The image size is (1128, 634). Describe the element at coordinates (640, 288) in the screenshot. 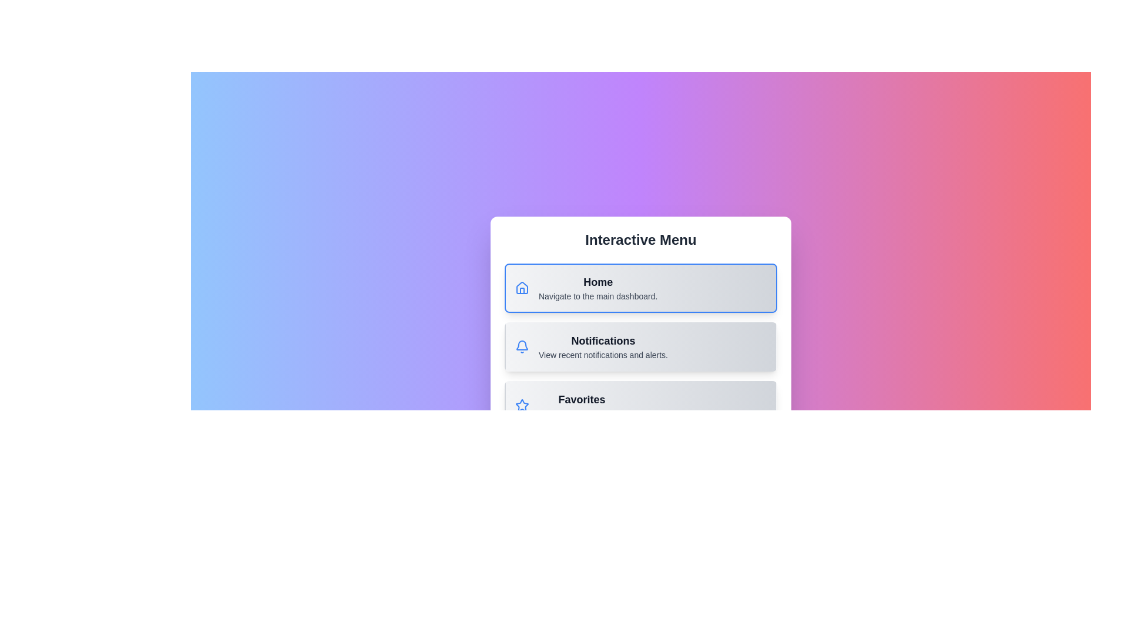

I see `the menu option Home` at that location.